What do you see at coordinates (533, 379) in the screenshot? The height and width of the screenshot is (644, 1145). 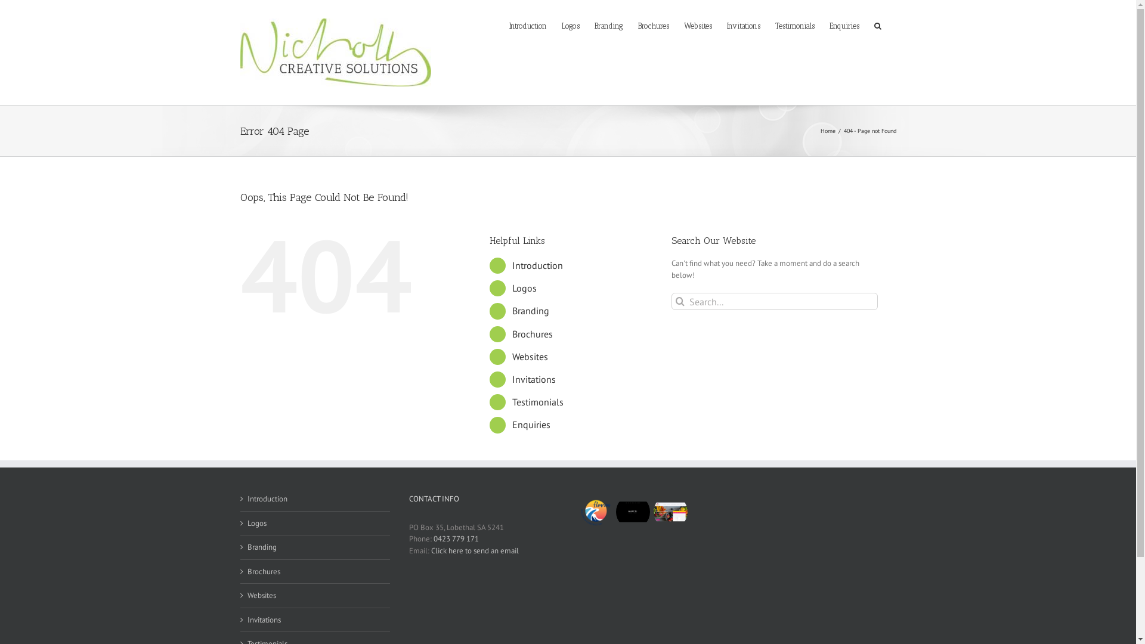 I see `'Invitations'` at bounding box center [533, 379].